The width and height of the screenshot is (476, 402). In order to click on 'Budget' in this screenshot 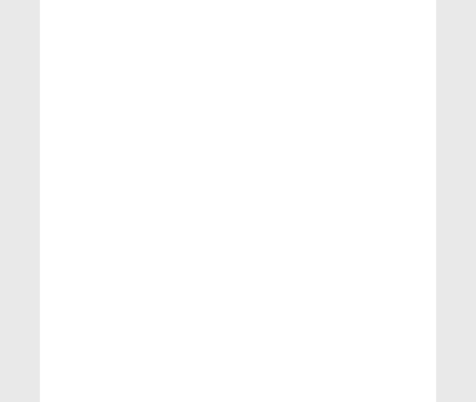, I will do `click(71, 70)`.